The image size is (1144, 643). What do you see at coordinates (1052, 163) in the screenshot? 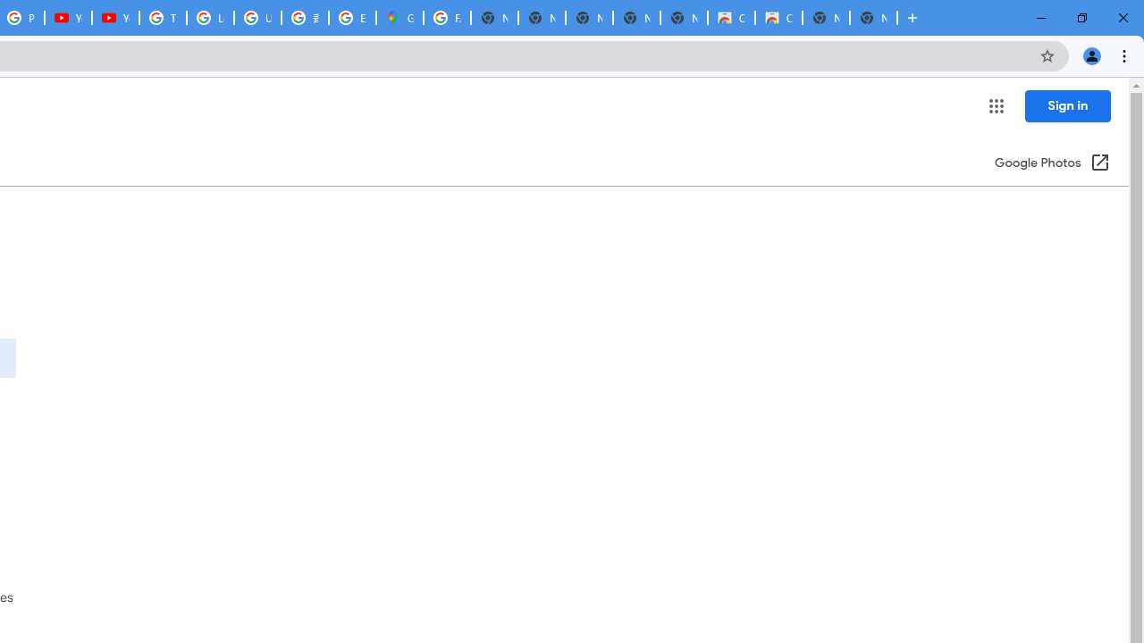
I see `'Google Photos (Open in a new window)'` at bounding box center [1052, 163].